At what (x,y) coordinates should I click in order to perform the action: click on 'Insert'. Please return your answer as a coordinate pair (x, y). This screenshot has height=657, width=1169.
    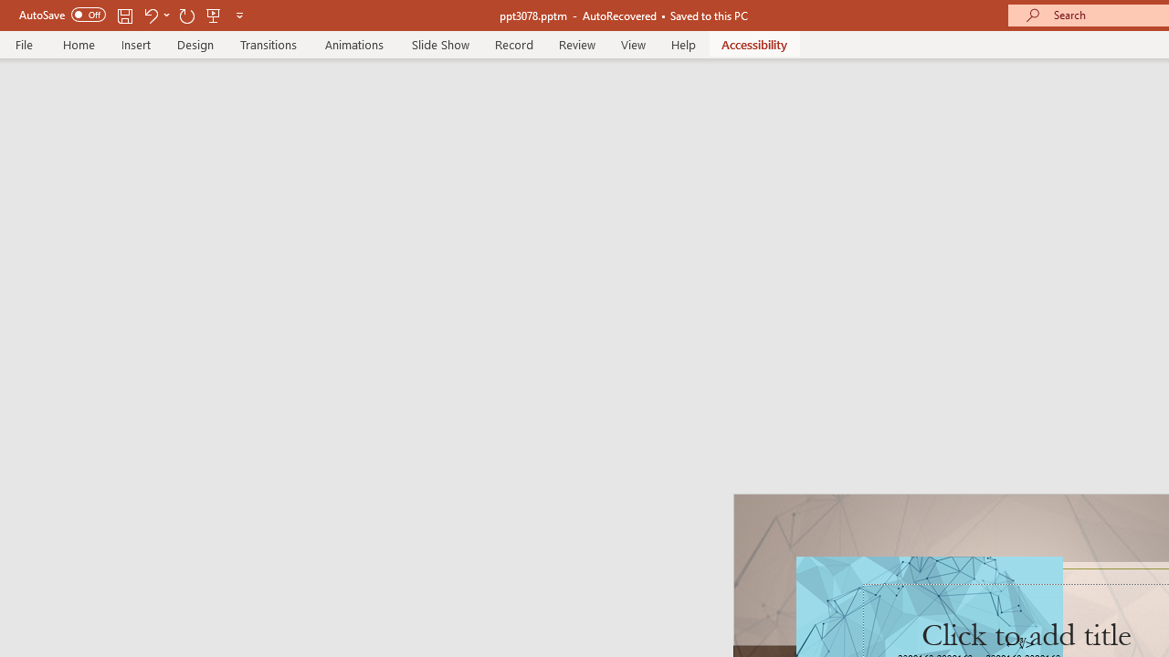
    Looking at the image, I should click on (135, 44).